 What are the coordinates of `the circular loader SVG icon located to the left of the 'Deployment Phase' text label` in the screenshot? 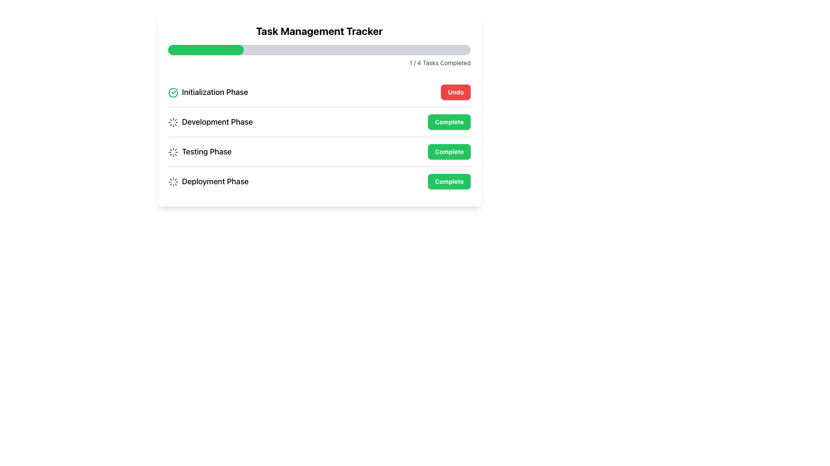 It's located at (173, 181).